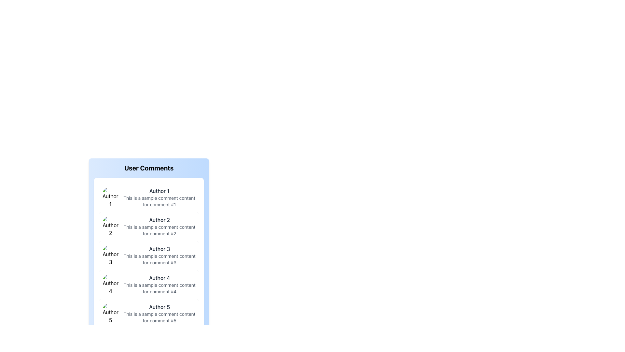 This screenshot has height=352, width=625. What do you see at coordinates (148, 313) in the screenshot?
I see `the fifth list item containing the profile picture, the name 'Author 5' in bold, and the comment text 'This is a sample comment content for comment #5'` at bounding box center [148, 313].